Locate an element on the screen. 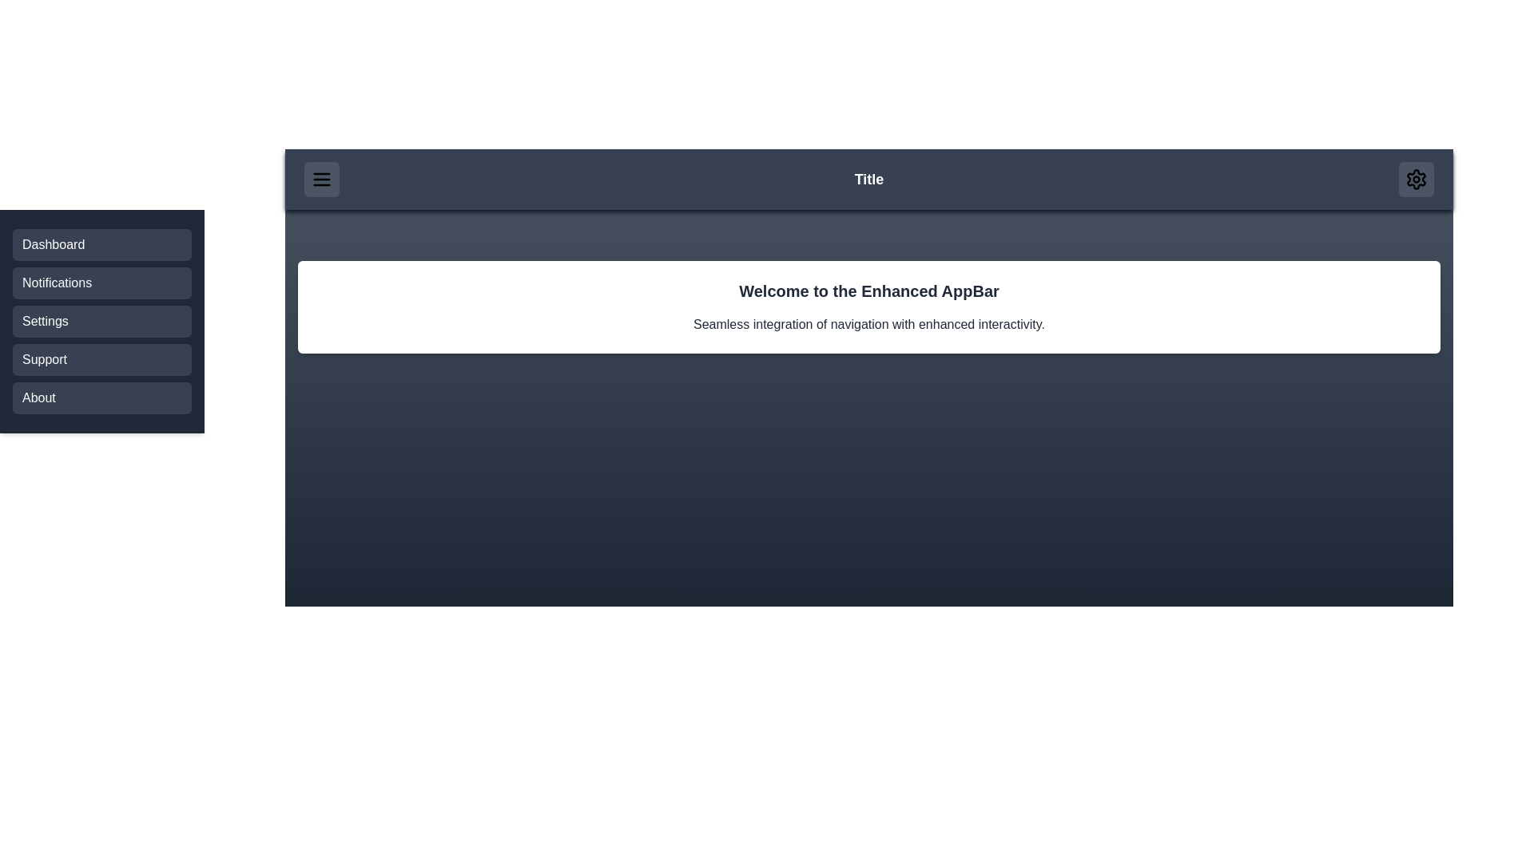 This screenshot has height=862, width=1534. the menu button to toggle the visibility of the menu is located at coordinates (321, 179).